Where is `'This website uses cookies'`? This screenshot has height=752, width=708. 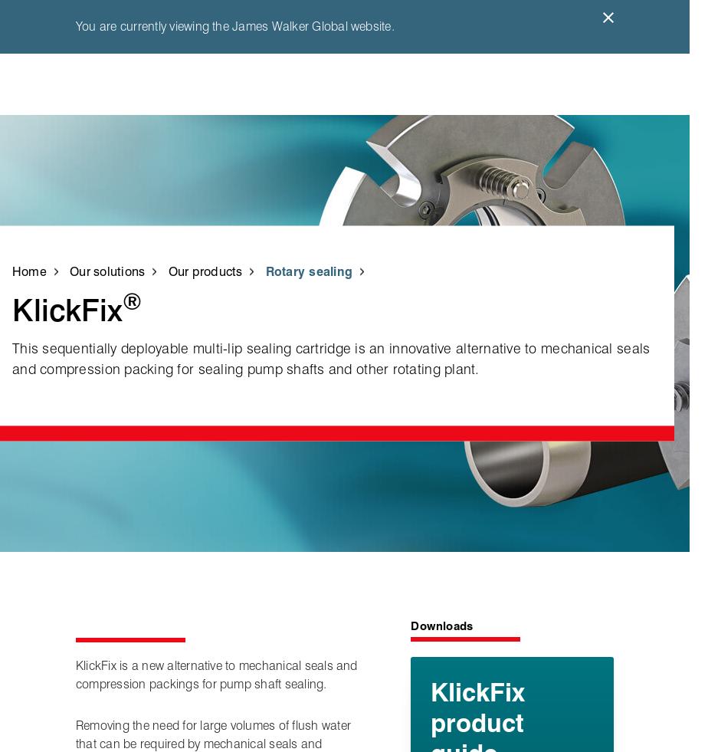 'This website uses cookies' is located at coordinates (91, 310).